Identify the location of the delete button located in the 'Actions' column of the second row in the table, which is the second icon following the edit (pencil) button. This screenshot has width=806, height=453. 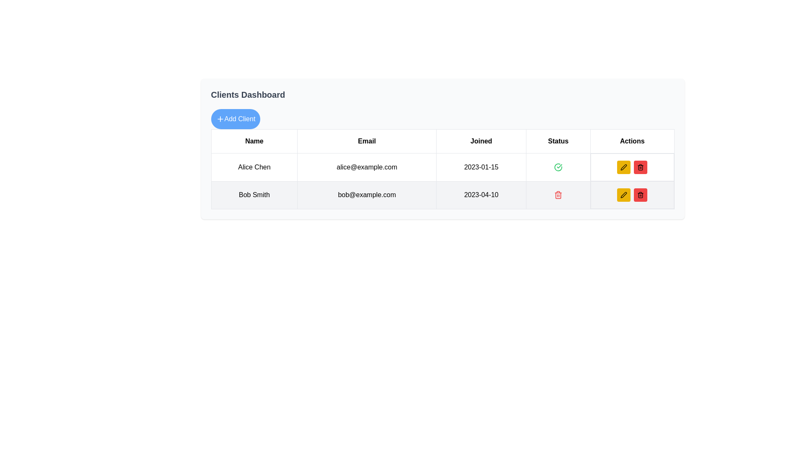
(558, 195).